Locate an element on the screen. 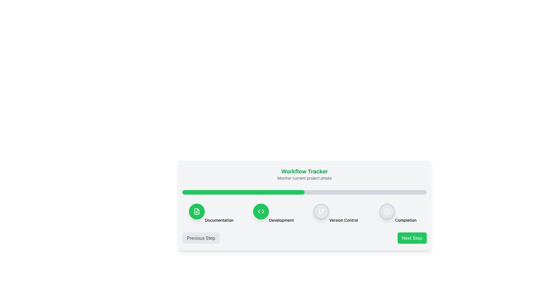 The width and height of the screenshot is (543, 305). the 'Completion' stage in the workflow progress tracker, which is the last item in a group of four step icons is located at coordinates (397, 213).